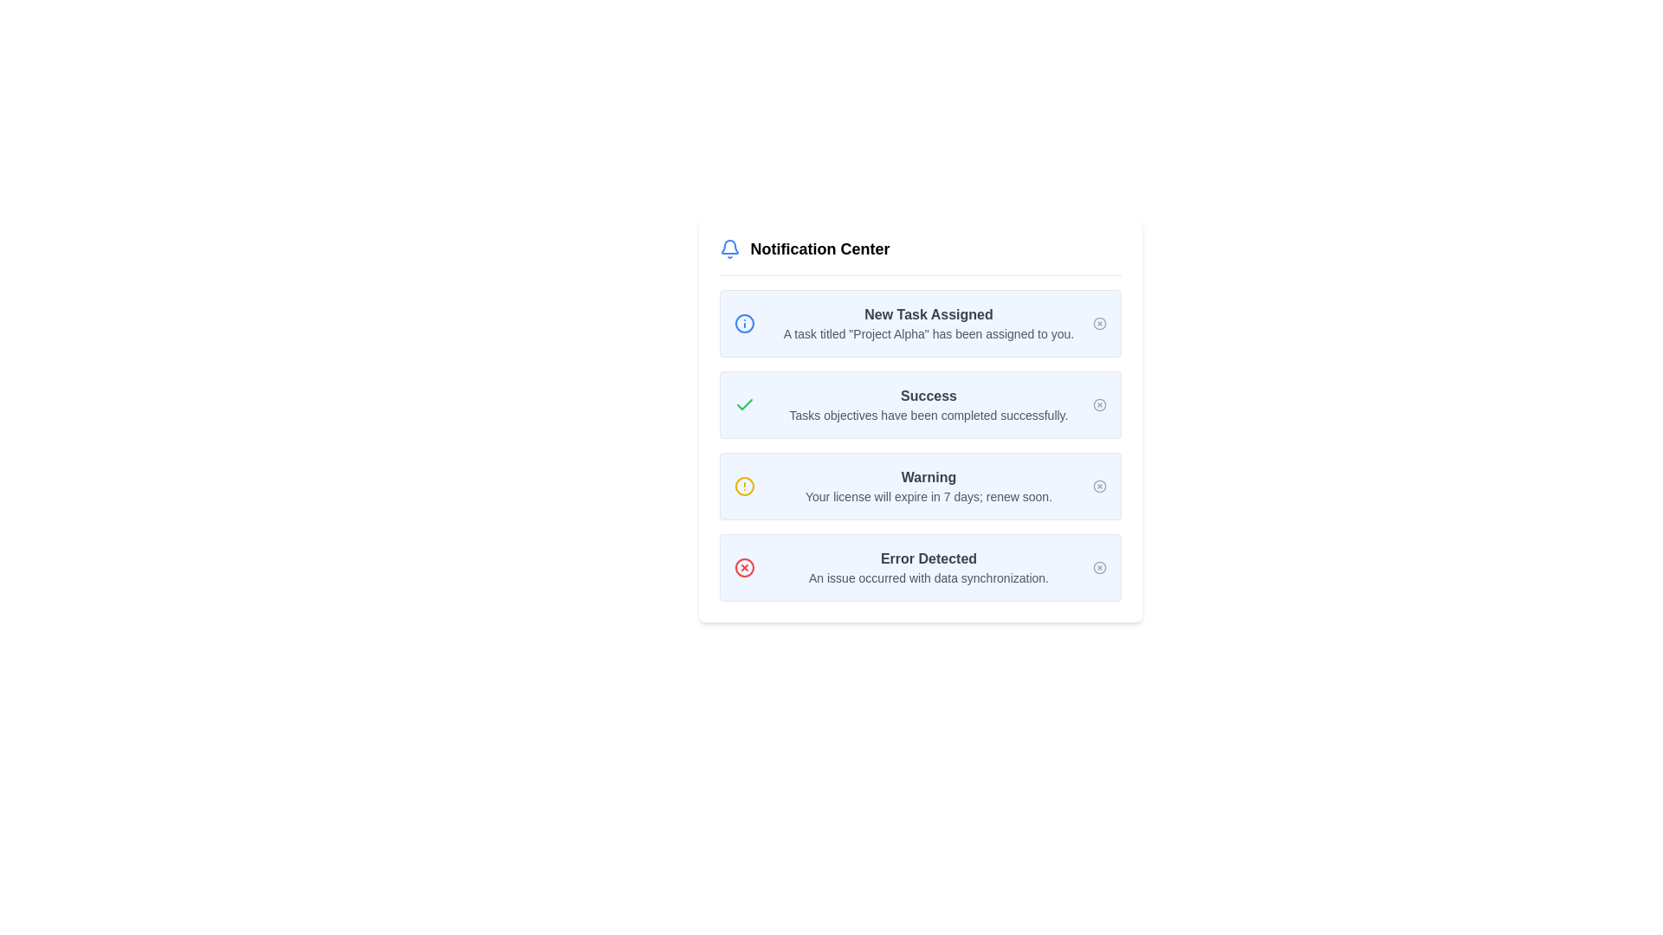 This screenshot has width=1663, height=935. I want to click on the SVG Circle element that represents the error icon in the 'Error Detected' notification at the bottom of the notification list, so click(744, 567).